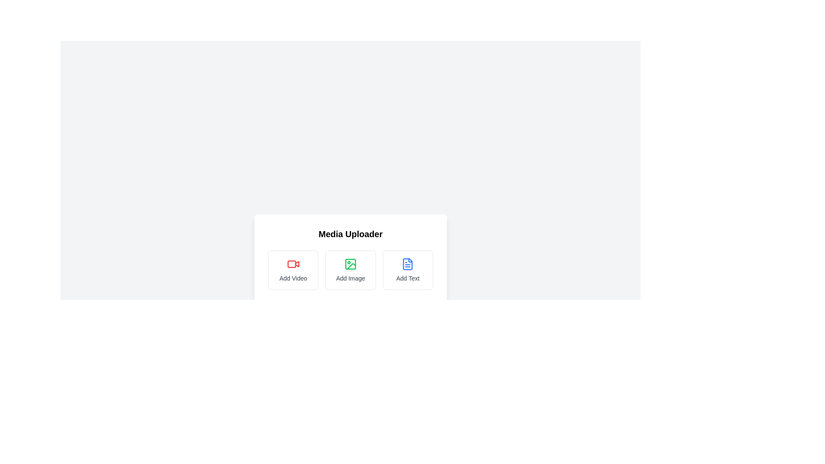 The image size is (825, 464). Describe the element at coordinates (351, 263) in the screenshot. I see `the 'Add Image' icon, which is the central button in the second group of buttons under the 'Media Uploader' heading, positioned between 'Add Video' and 'Add Text.'` at that location.